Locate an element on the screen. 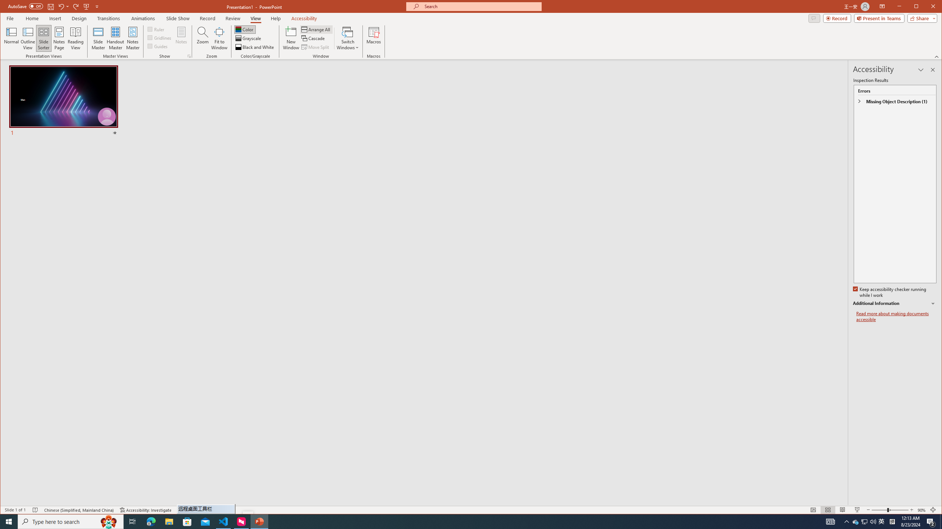 Image resolution: width=942 pixels, height=529 pixels. 'Additional Information' is located at coordinates (894, 303).